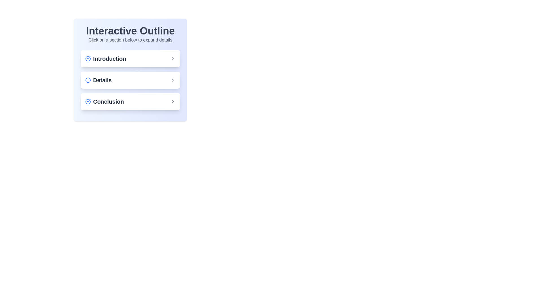 The height and width of the screenshot is (305, 542). I want to click on the 'Details' navigational button, so click(98, 80).